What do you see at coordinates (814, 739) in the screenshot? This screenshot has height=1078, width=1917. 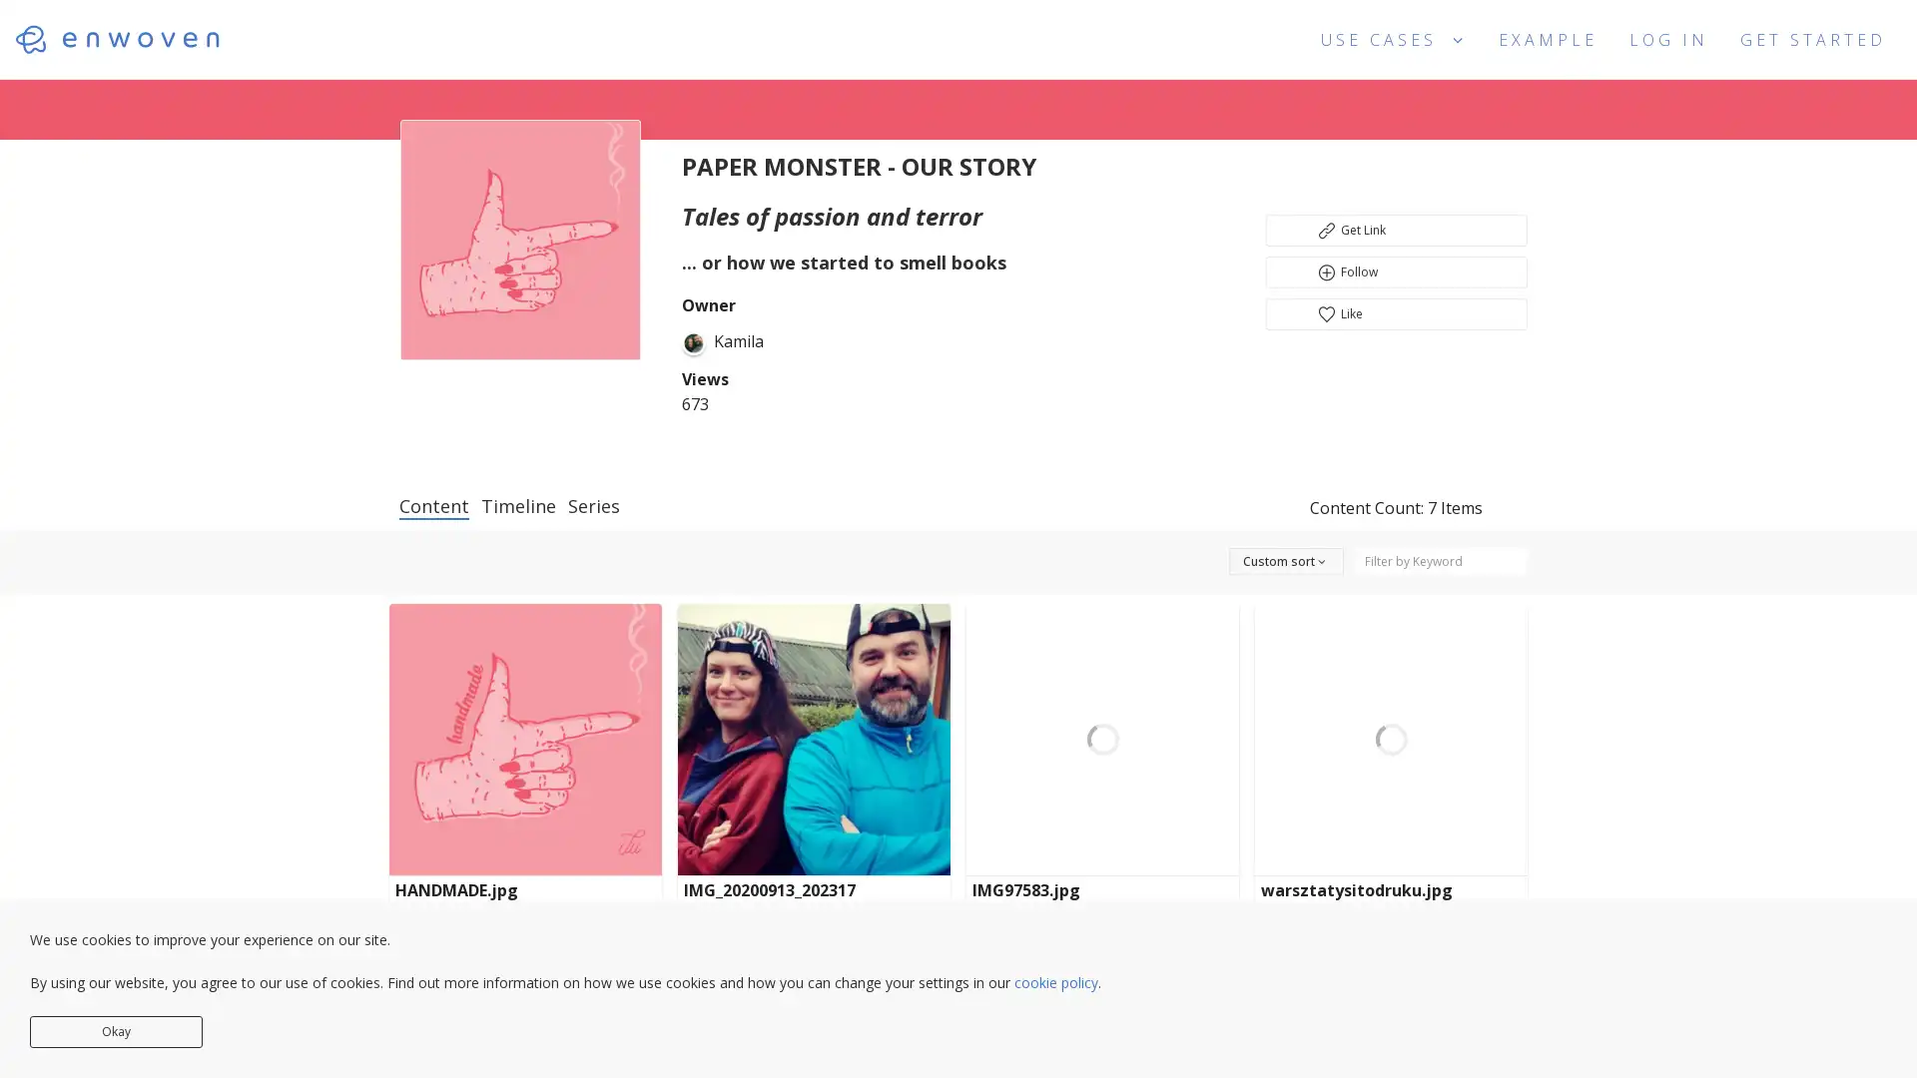 I see `164 views image preview` at bounding box center [814, 739].